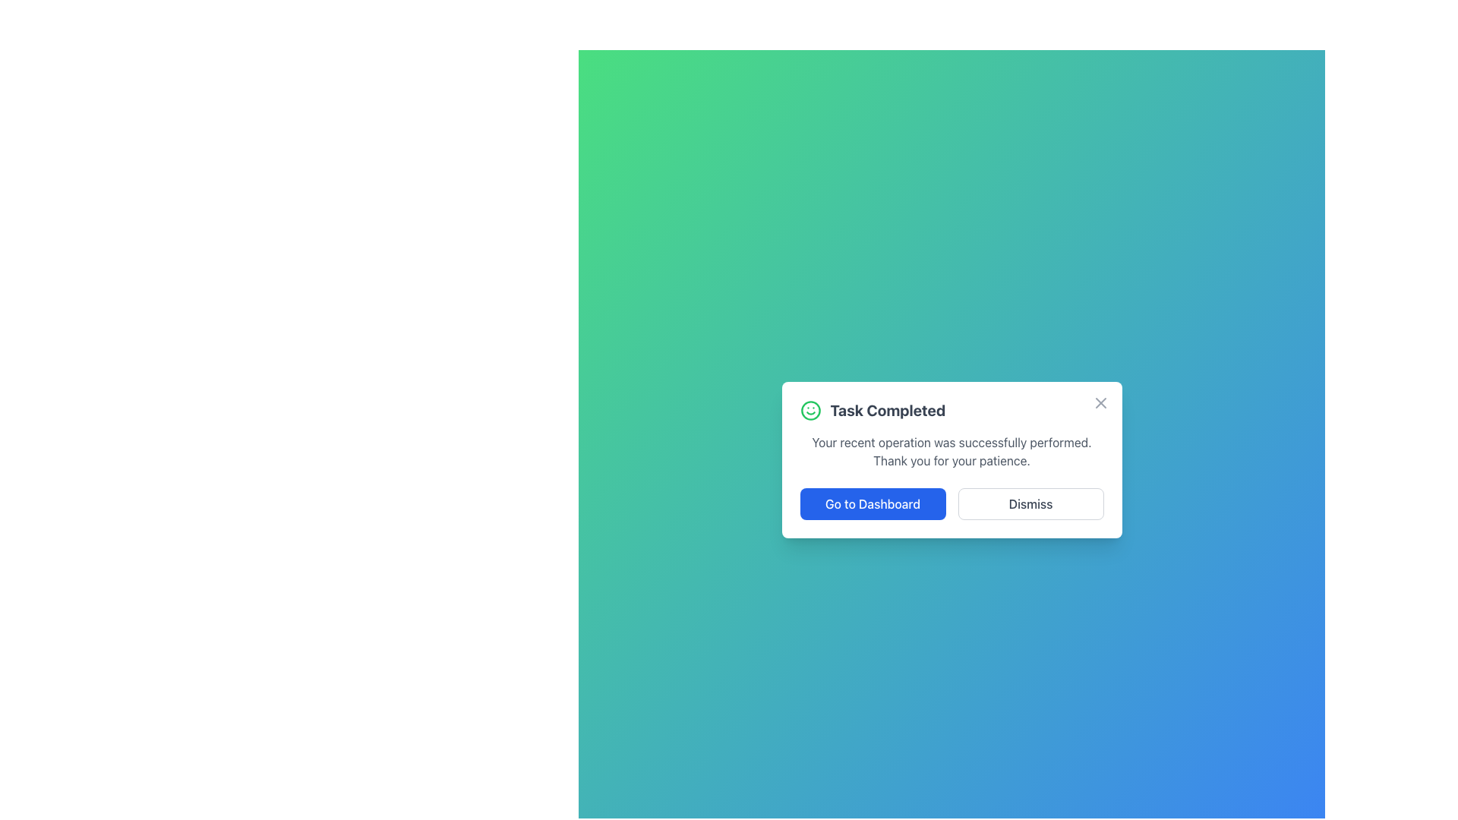  Describe the element at coordinates (951, 450) in the screenshot. I see `informational message located in the modal dialog, positioned below the title 'Task Completed' and the smiley icon` at that location.